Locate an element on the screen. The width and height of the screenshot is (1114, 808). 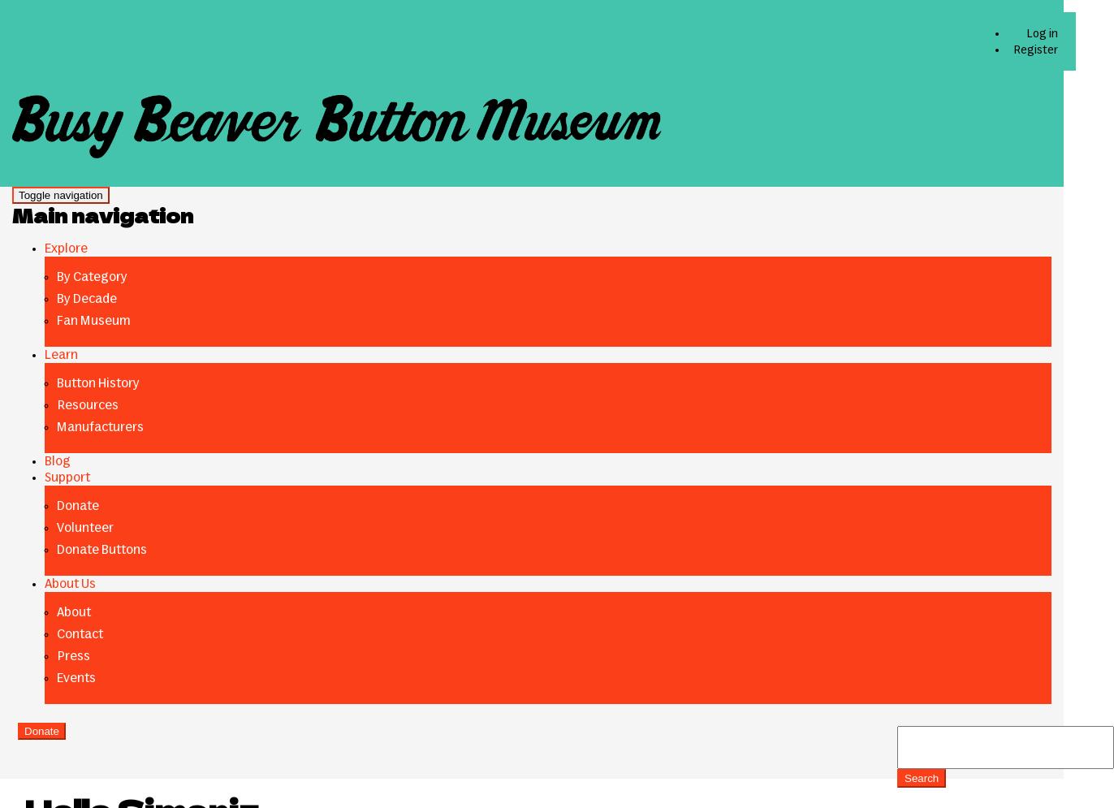
'Main navigation' is located at coordinates (102, 214).